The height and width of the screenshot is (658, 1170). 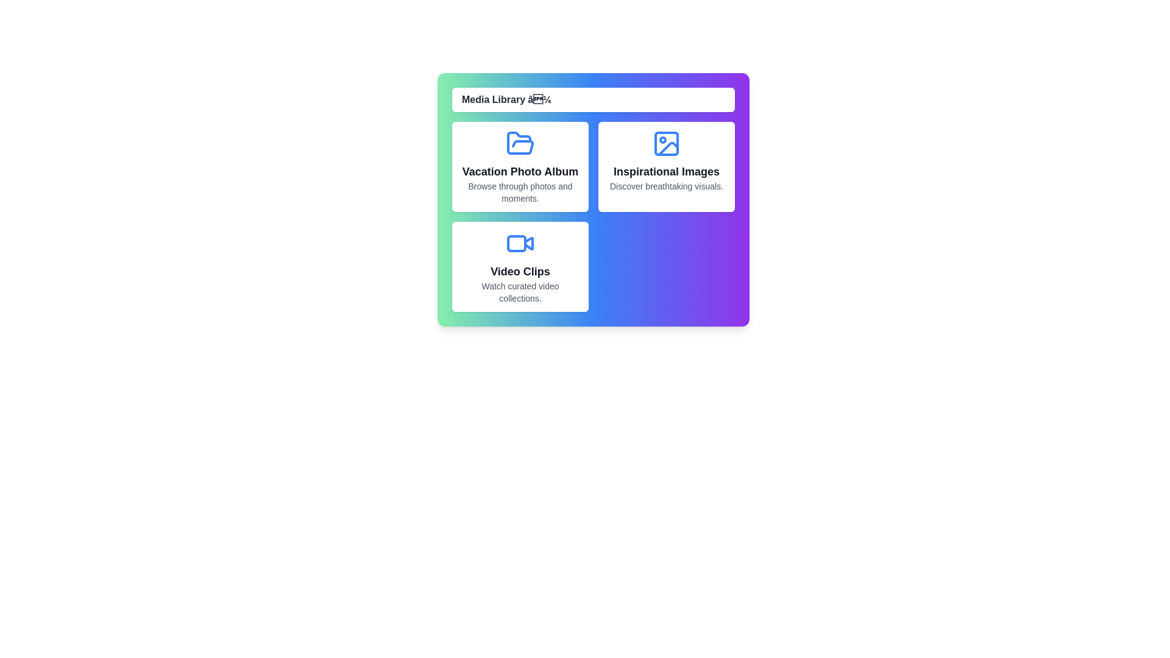 I want to click on the media item Vacation Photo Album to focus on it, so click(x=520, y=166).